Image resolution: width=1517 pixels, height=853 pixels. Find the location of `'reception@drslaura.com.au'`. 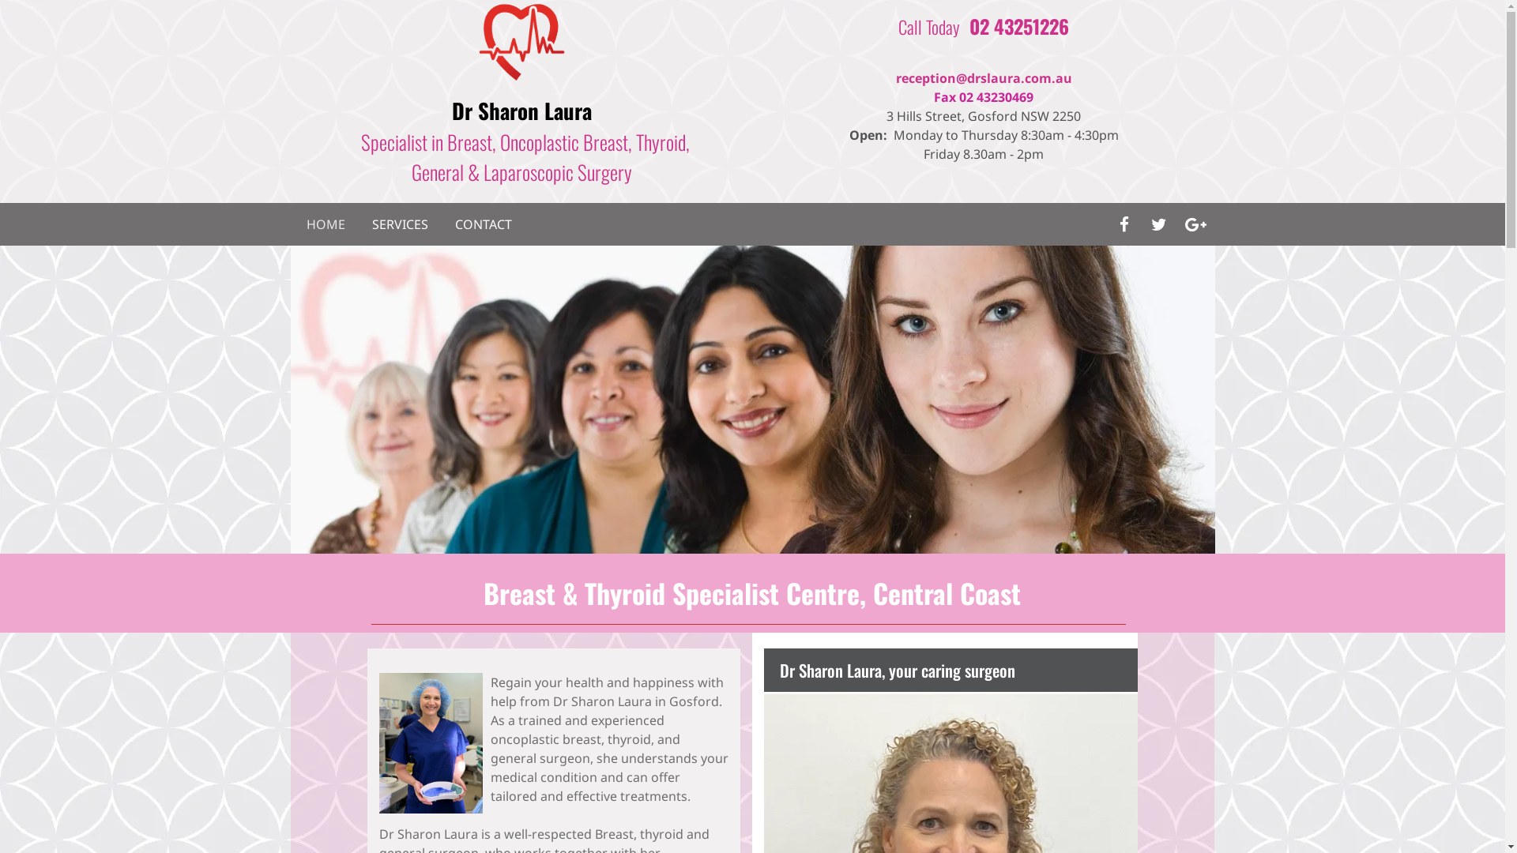

'reception@drslaura.com.au' is located at coordinates (983, 78).